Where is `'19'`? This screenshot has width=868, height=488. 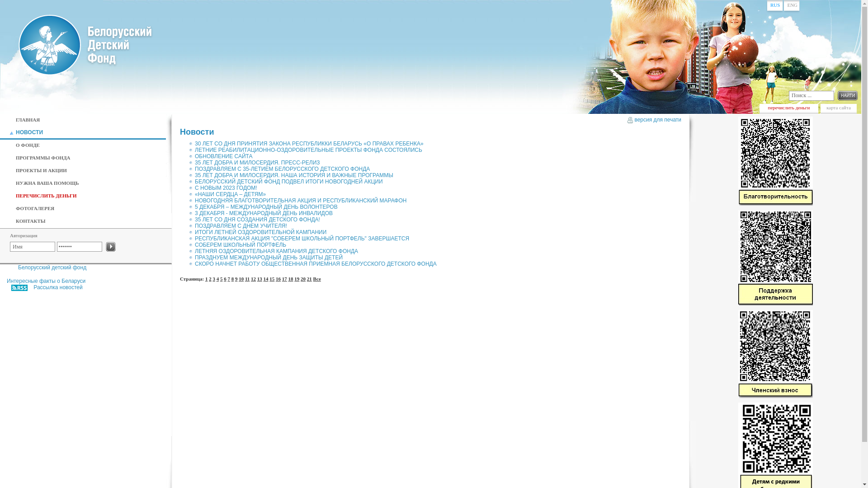
'19' is located at coordinates (297, 276).